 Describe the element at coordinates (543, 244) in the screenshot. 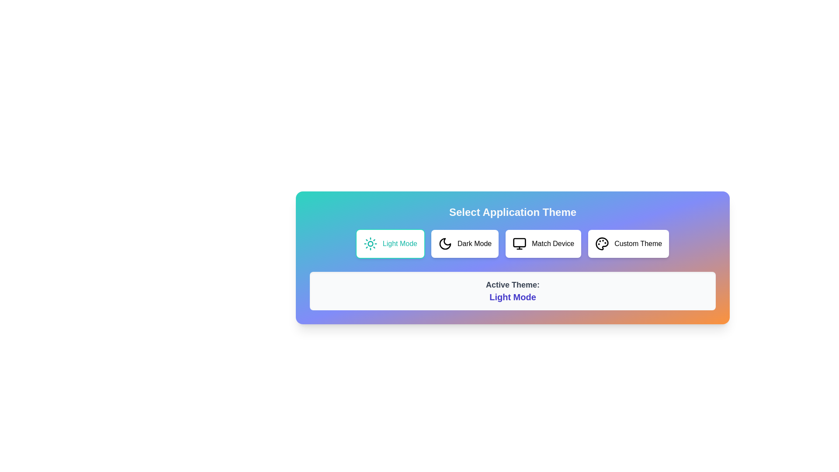

I see `the button corresponding to the theme Match Device` at that location.